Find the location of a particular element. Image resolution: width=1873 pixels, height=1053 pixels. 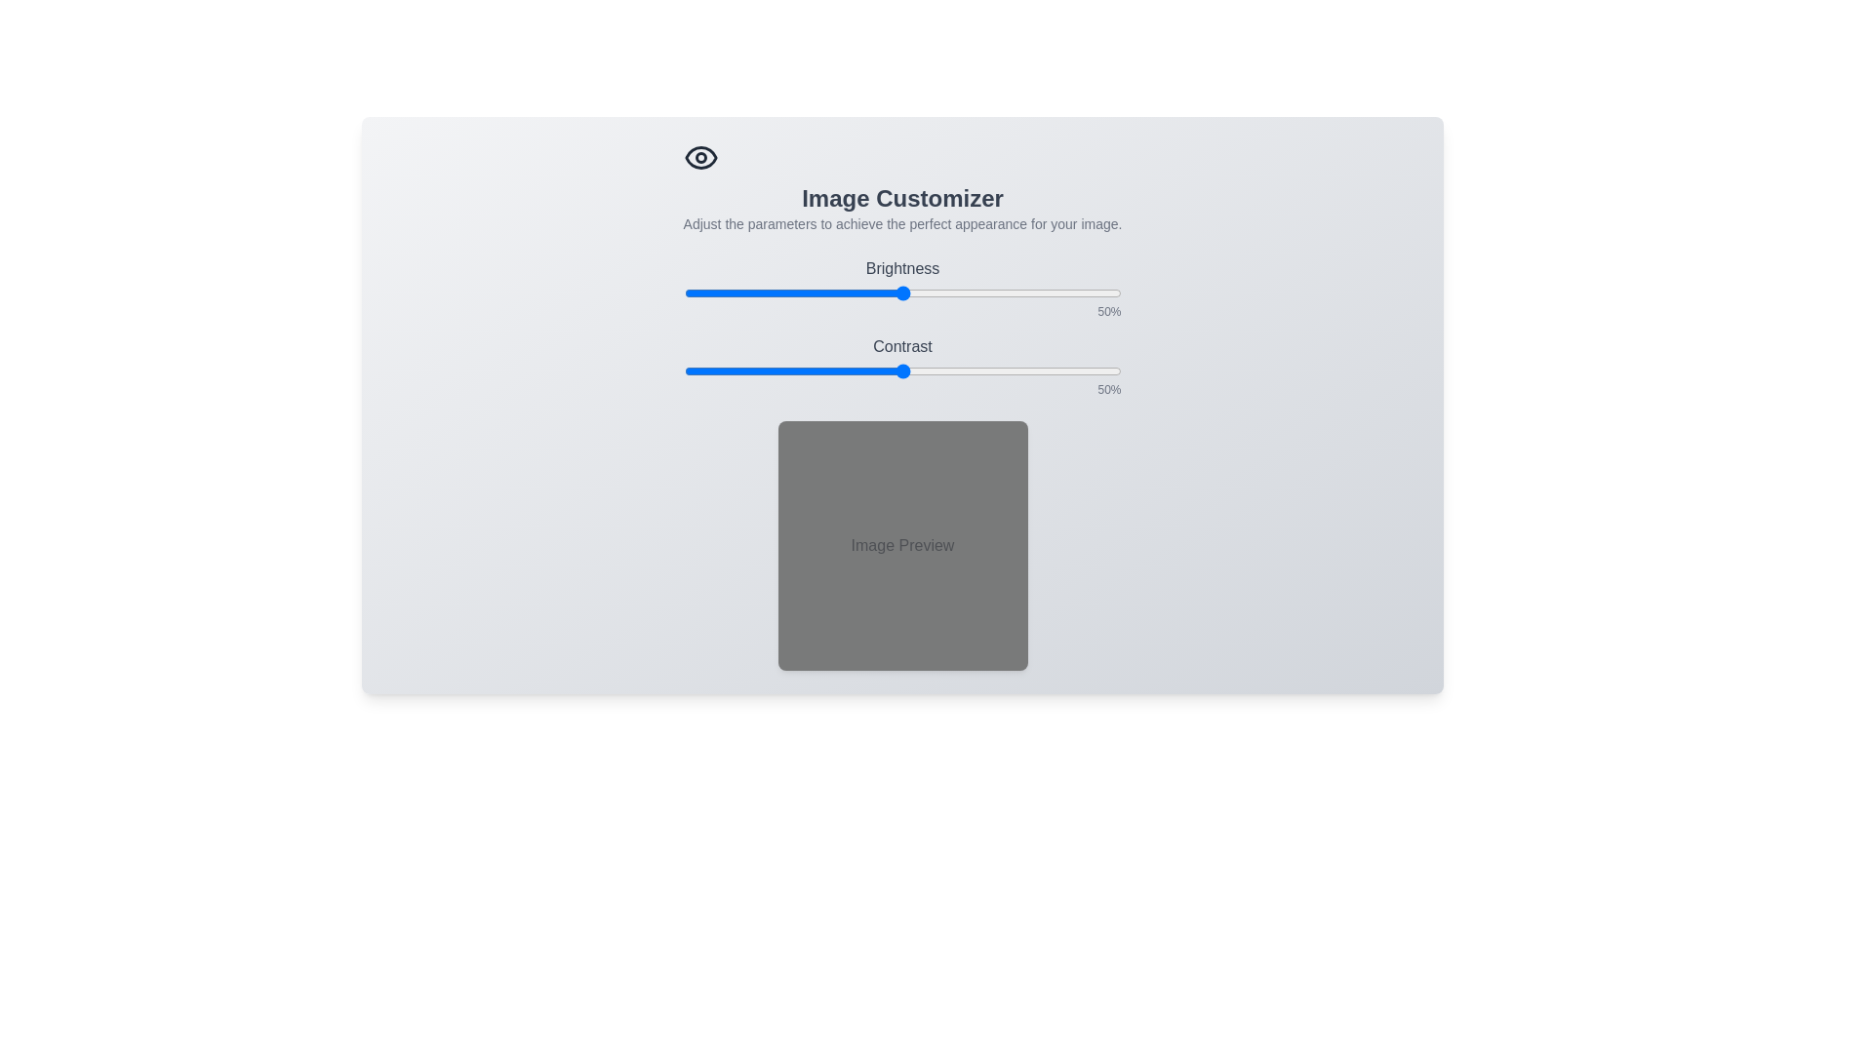

the brightness slider to set brightness to 64% is located at coordinates (964, 292).